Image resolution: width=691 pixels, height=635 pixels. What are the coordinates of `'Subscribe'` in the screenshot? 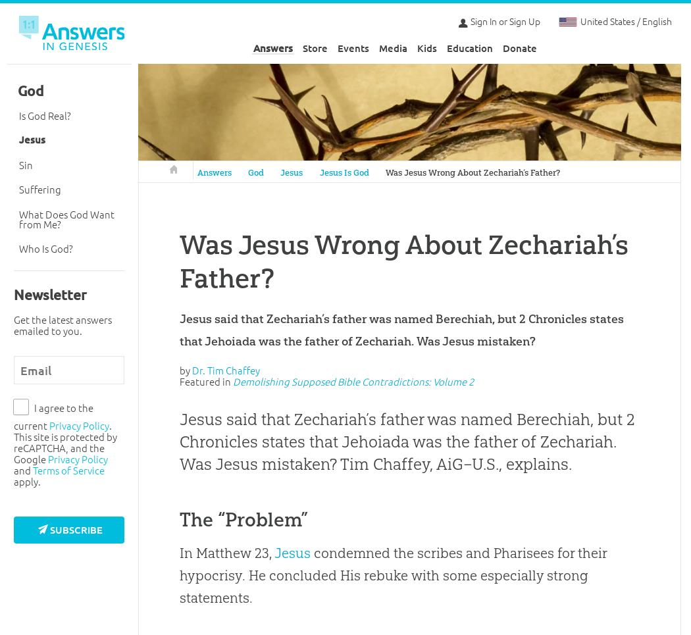 It's located at (50, 529).